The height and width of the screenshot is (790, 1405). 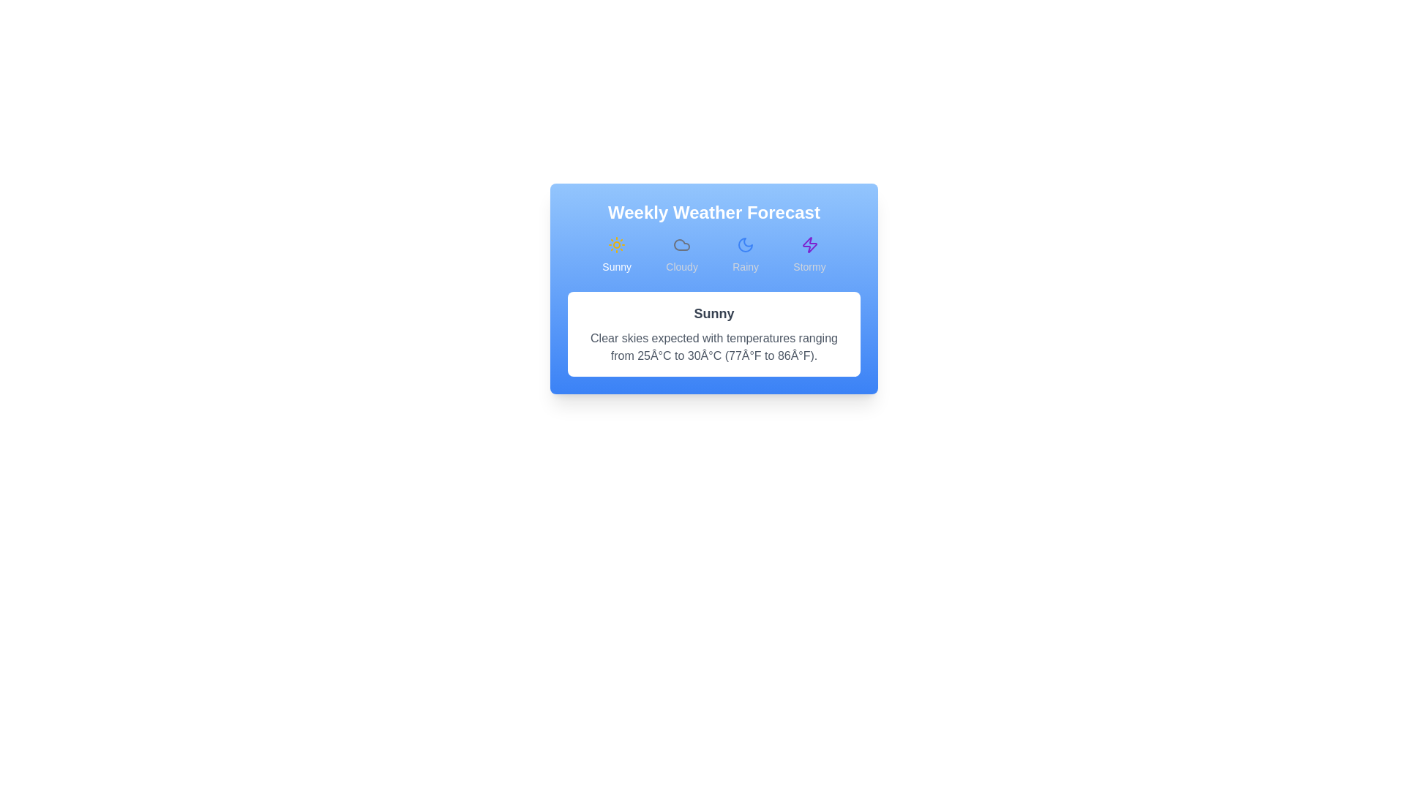 I want to click on the Sunny forecast tab by clicking on its button, so click(x=617, y=254).